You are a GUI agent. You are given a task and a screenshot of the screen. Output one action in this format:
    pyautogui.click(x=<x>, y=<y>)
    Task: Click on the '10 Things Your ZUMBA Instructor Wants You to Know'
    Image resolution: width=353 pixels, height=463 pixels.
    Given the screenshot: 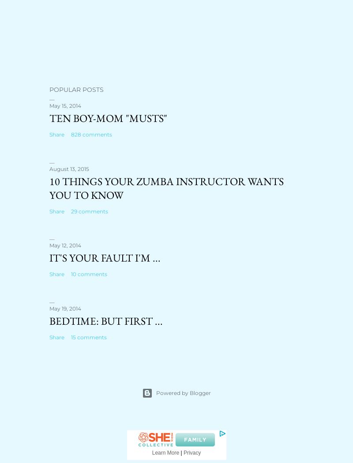 What is the action you would take?
    pyautogui.click(x=49, y=187)
    